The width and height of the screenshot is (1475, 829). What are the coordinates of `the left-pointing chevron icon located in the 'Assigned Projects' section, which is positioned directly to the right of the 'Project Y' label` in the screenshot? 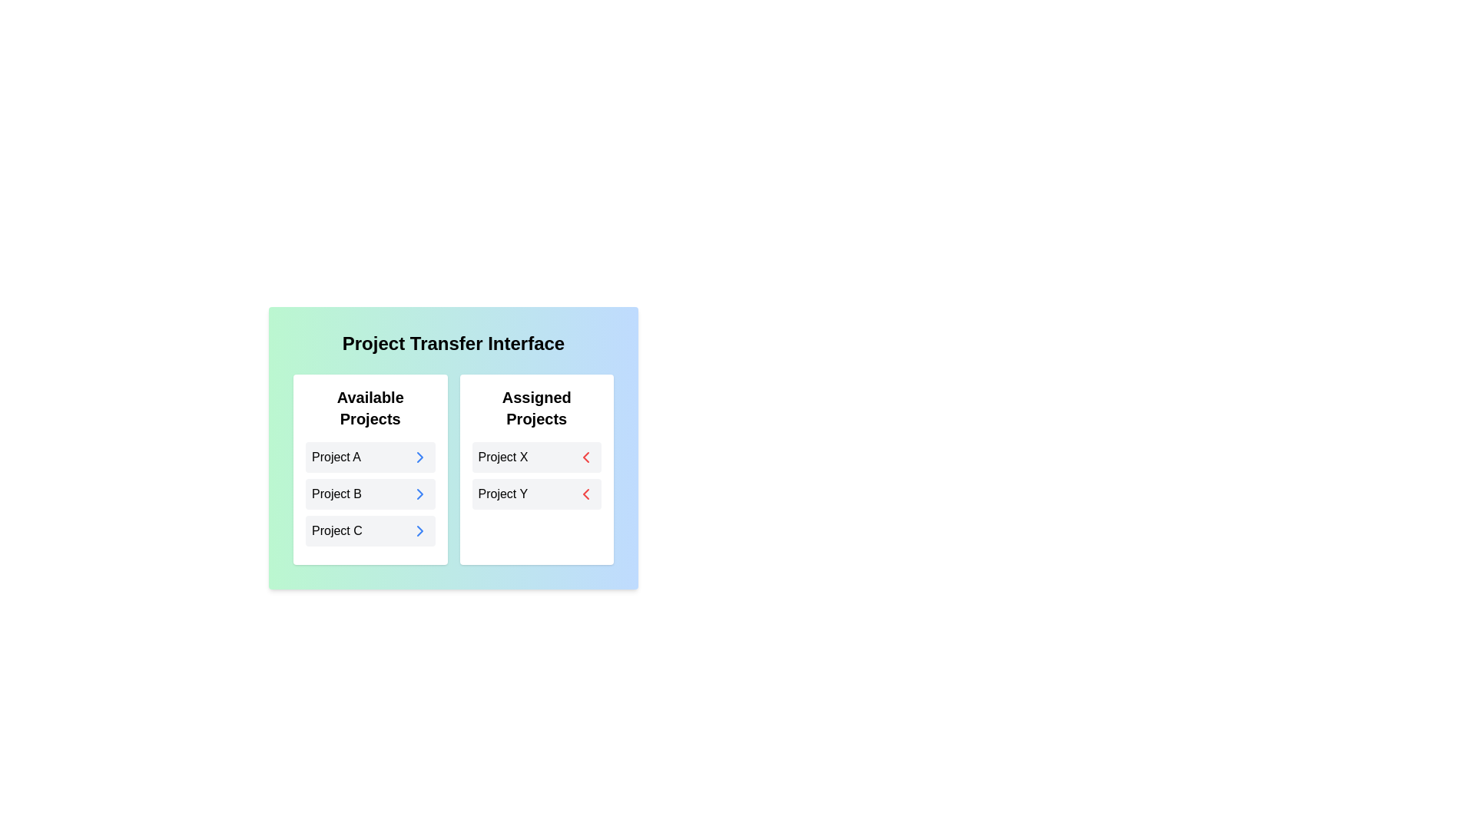 It's located at (585, 457).